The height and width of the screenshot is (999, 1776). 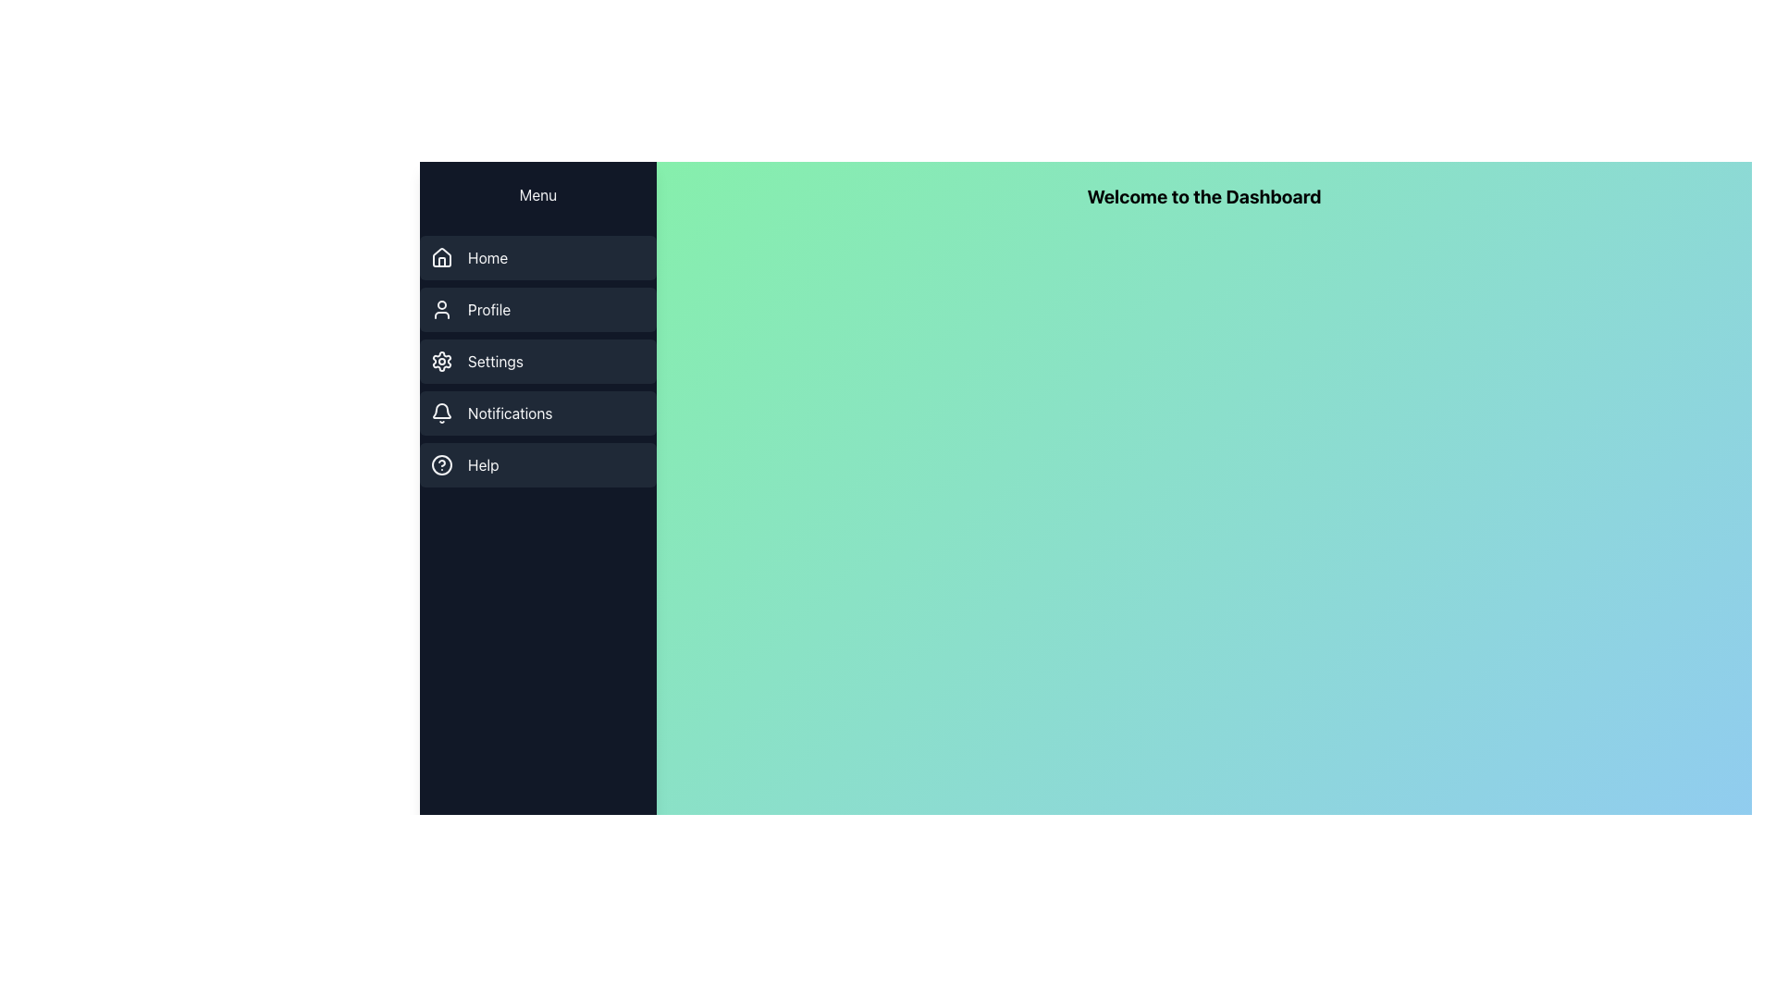 What do you see at coordinates (441, 361) in the screenshot?
I see `the design of the gear icon representing the 'Settings' menu item, which is the third item in the vertical list on the left panel` at bounding box center [441, 361].